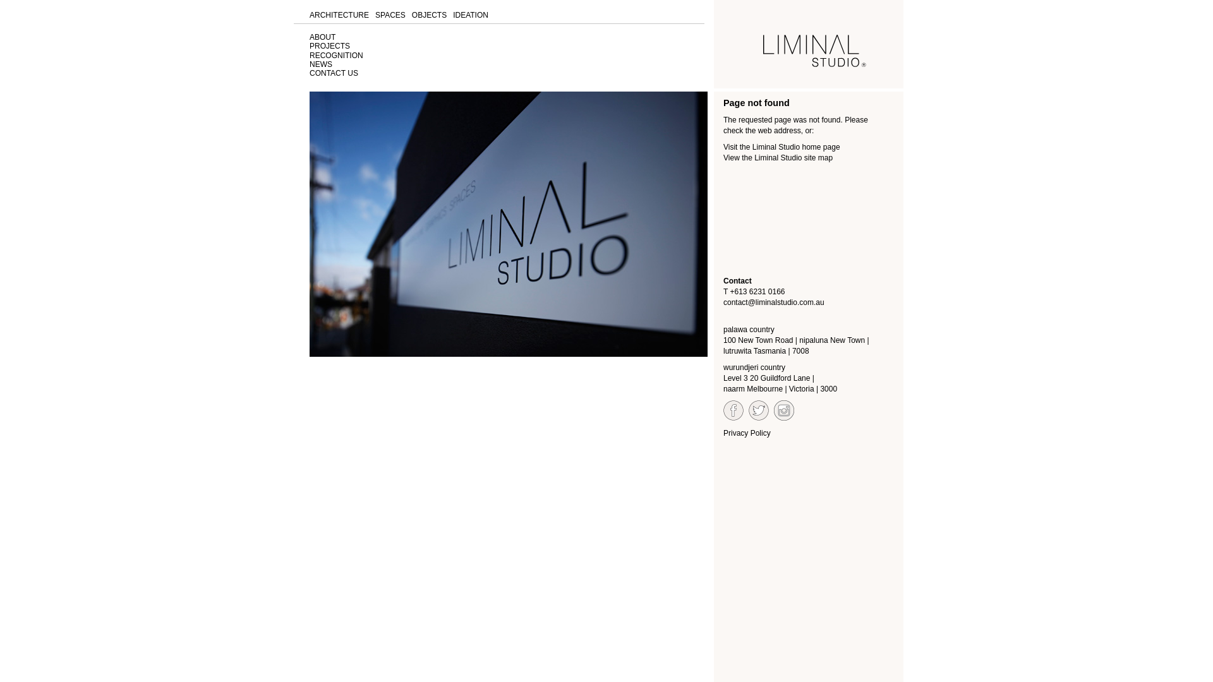  Describe the element at coordinates (723, 433) in the screenshot. I see `'Privacy Policy'` at that location.